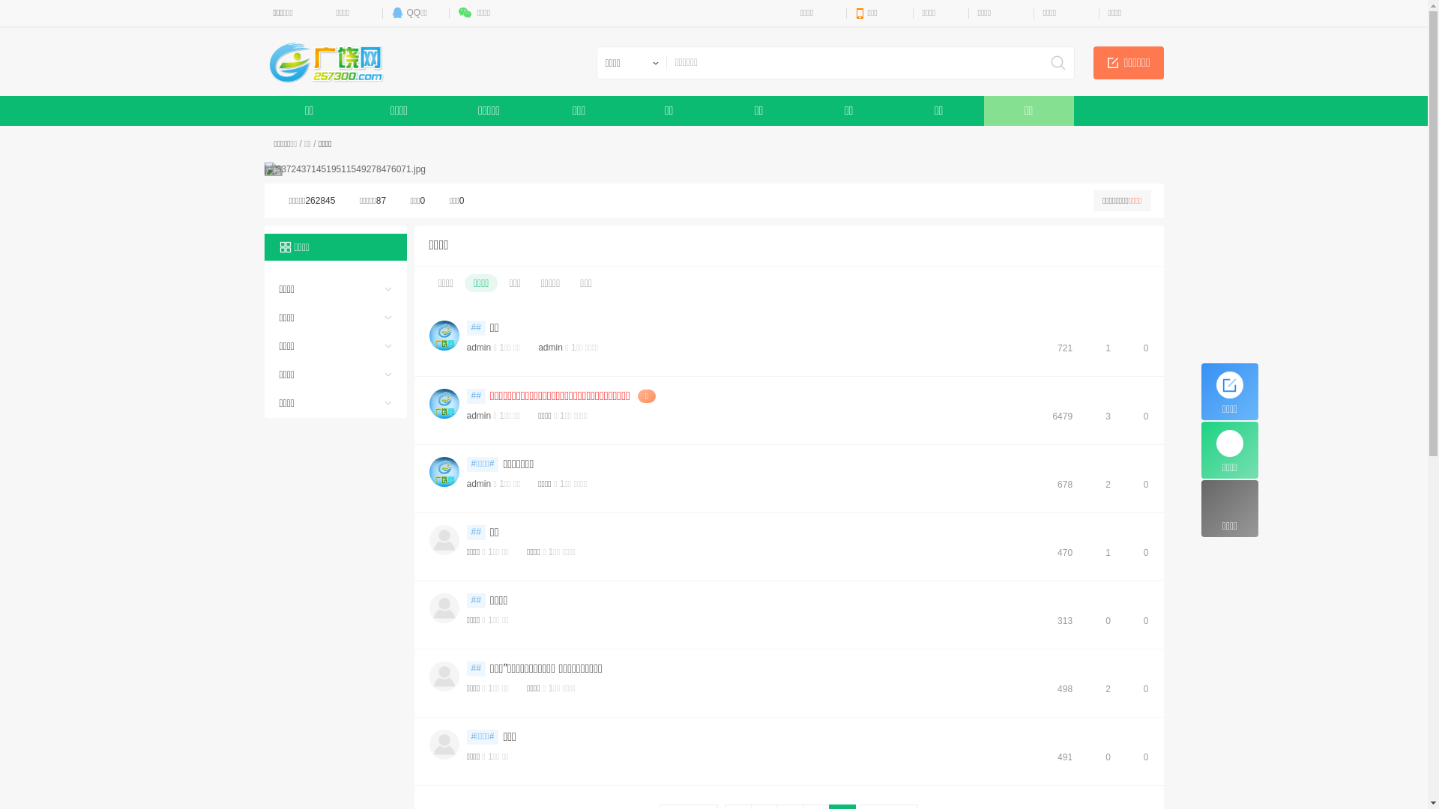 The width and height of the screenshot is (1439, 809). Describe the element at coordinates (1054, 416) in the screenshot. I see `'6479'` at that location.